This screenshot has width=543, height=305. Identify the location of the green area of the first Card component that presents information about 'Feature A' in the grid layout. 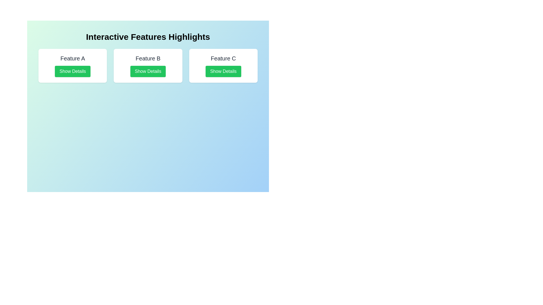
(72, 65).